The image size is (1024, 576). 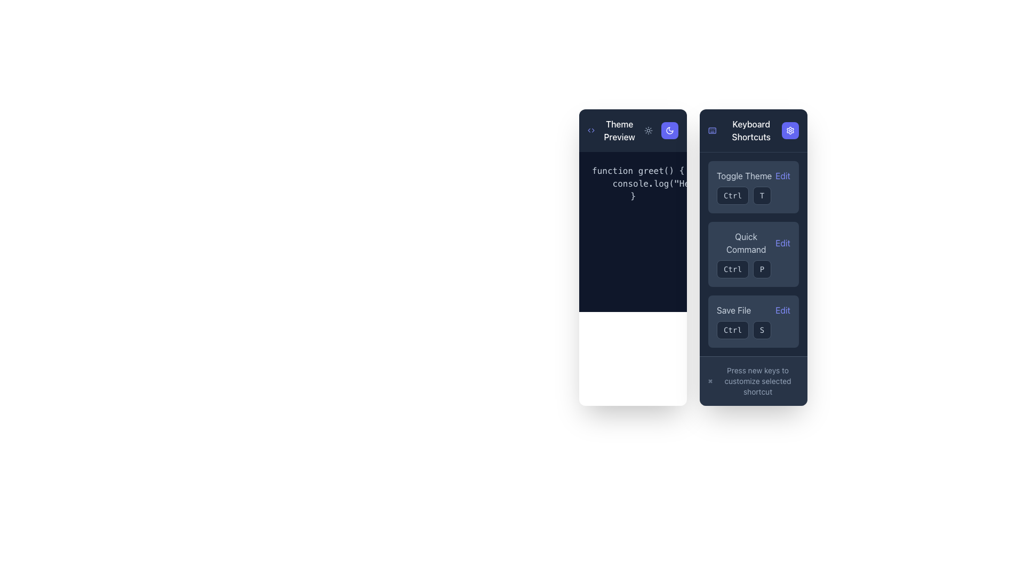 I want to click on the 'Edit' link within the first entry of the vertical list of interactive elements labeled 'Keyboard Shortcuts' to modify the keyboard shortcut, so click(x=753, y=187).